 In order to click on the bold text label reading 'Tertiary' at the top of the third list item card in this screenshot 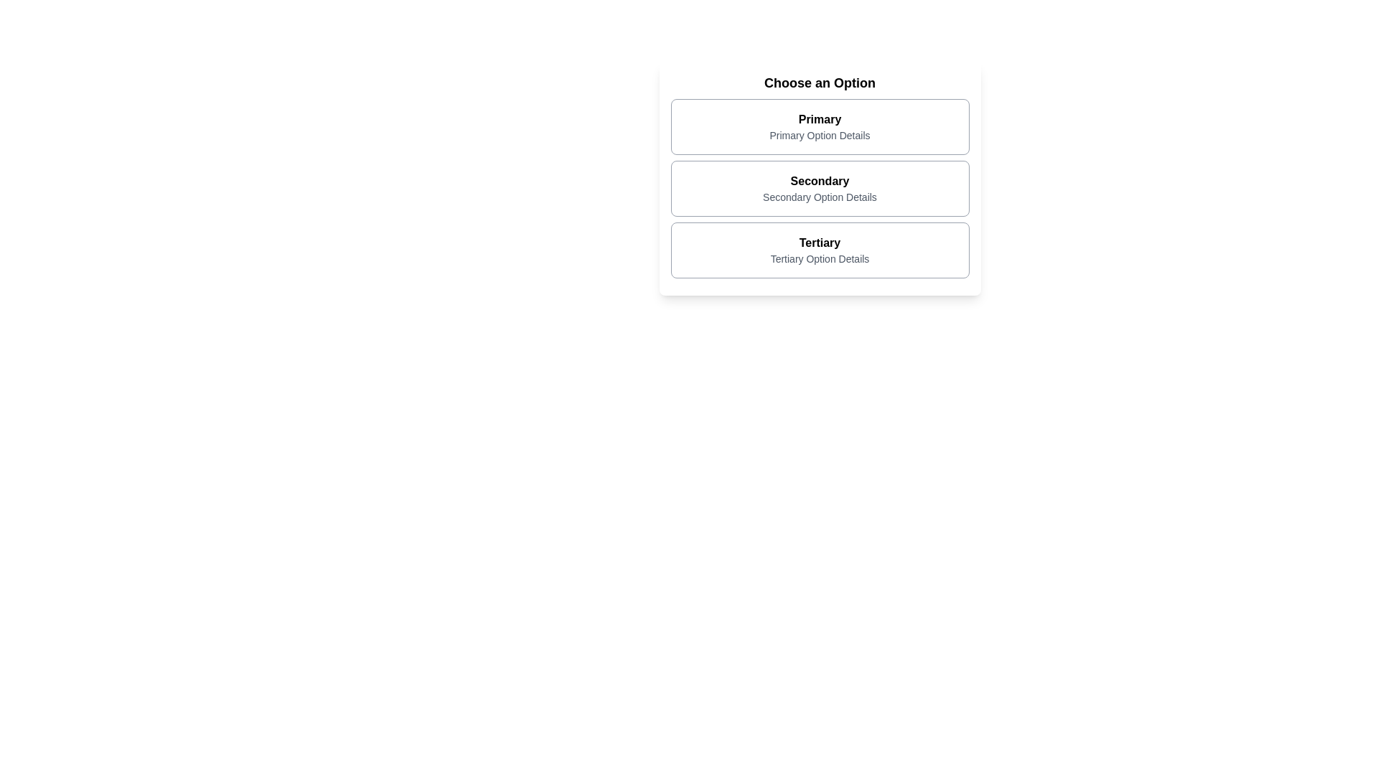, I will do `click(820, 243)`.